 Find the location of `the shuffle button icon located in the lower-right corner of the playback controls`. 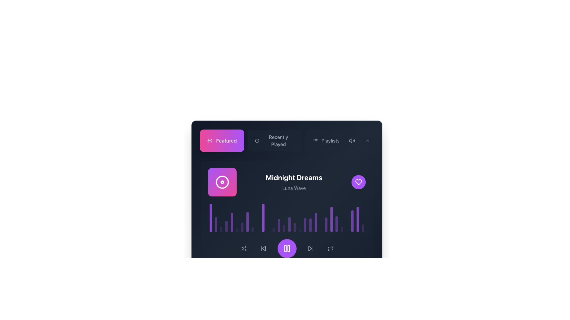

the shuffle button icon located in the lower-right corner of the playback controls is located at coordinates (243, 249).